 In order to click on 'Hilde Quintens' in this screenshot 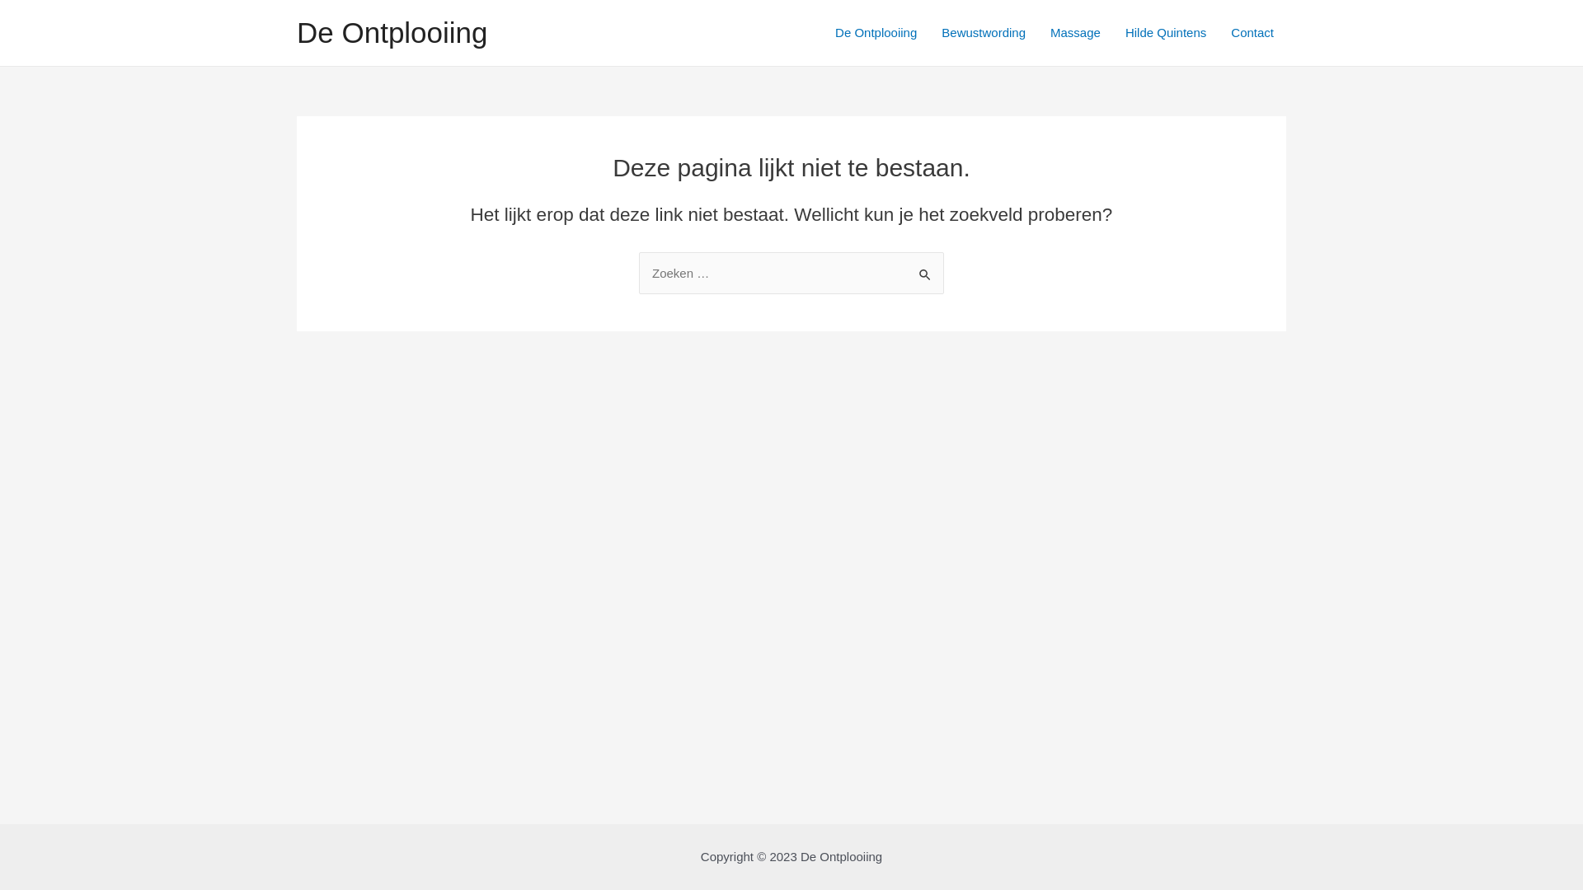, I will do `click(1165, 32)`.